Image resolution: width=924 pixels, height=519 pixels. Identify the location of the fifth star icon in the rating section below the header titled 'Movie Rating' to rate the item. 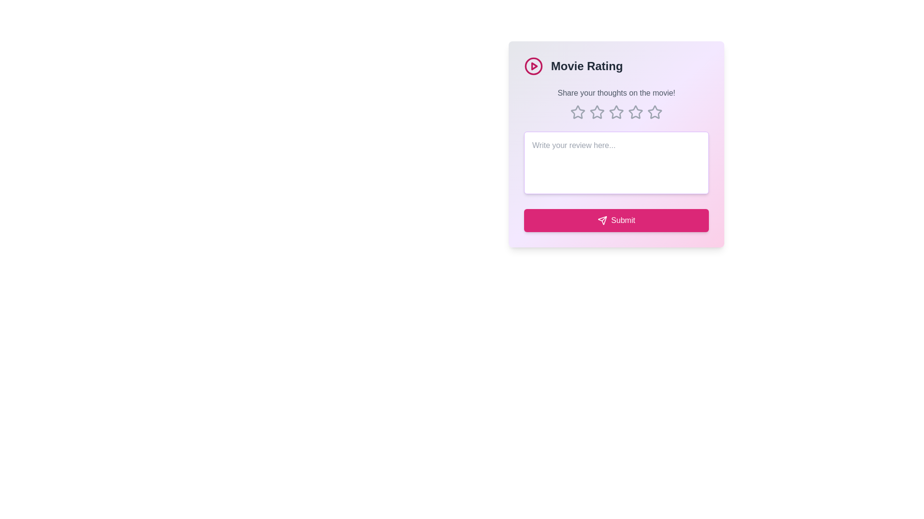
(654, 111).